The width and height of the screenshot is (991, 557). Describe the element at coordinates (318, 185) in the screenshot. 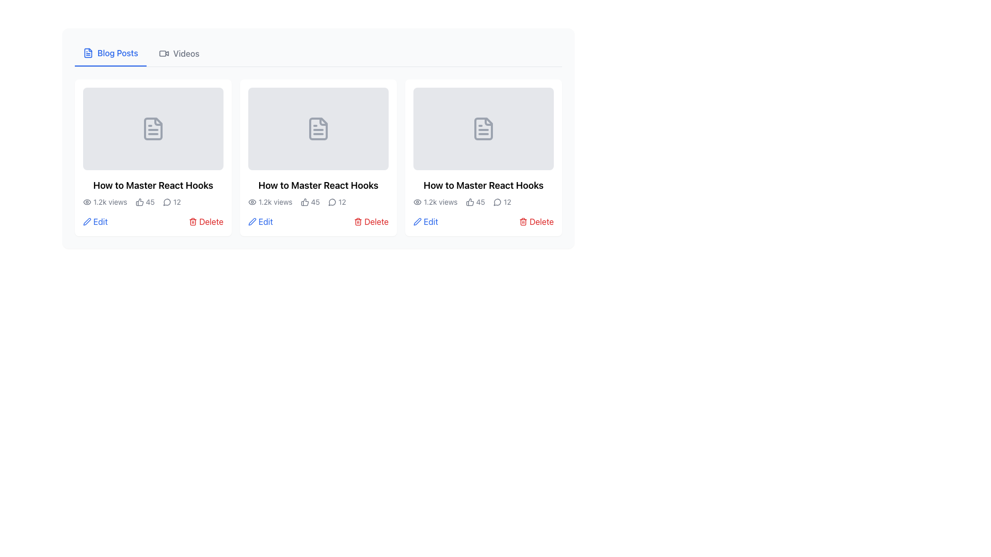

I see `the Header text of the blog post located in the second card of the horizontally aligned list, positioned below the image placeholder` at that location.